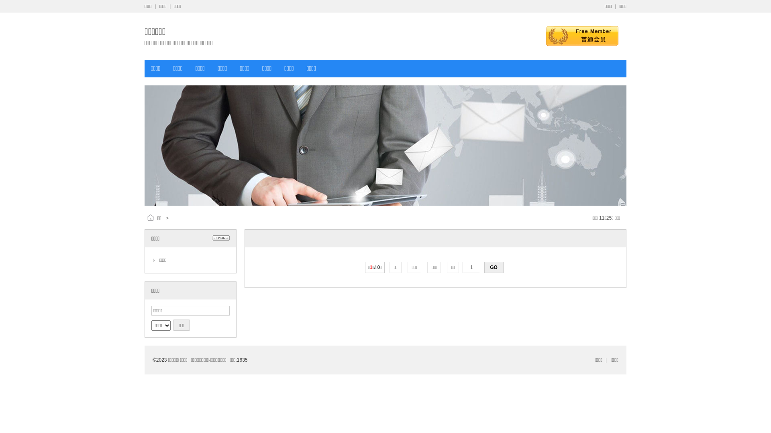 This screenshot has height=433, width=771. I want to click on 'GO', so click(483, 267).